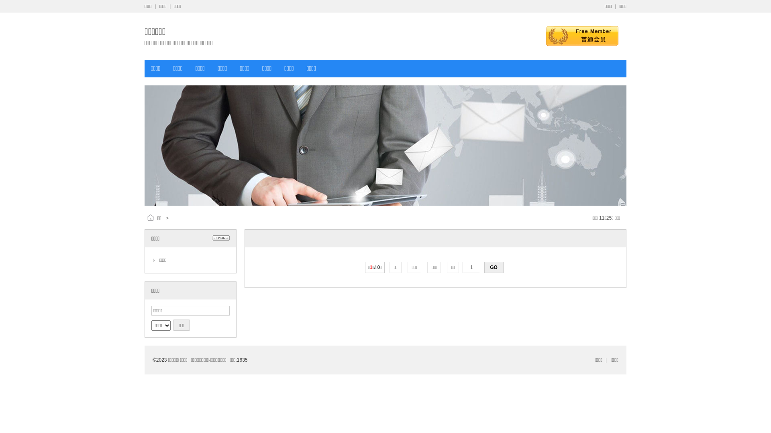 This screenshot has height=433, width=771. I want to click on 'GO', so click(483, 267).